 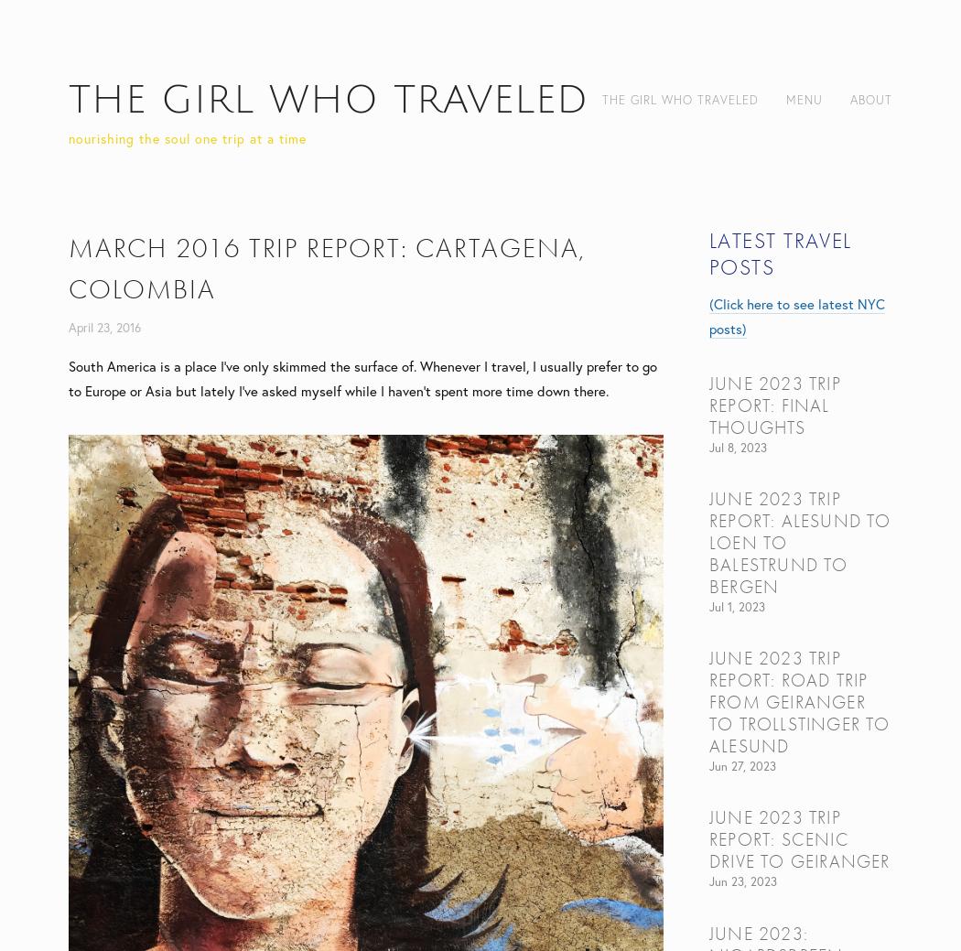 What do you see at coordinates (67, 327) in the screenshot?
I see `'April 23, 2016'` at bounding box center [67, 327].